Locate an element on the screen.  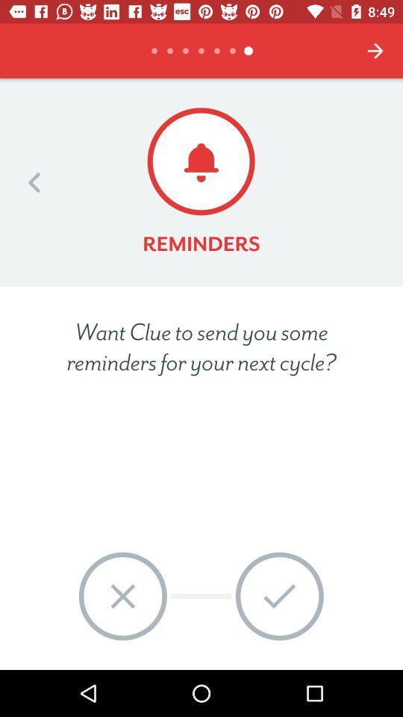
the arrow_backward icon is located at coordinates (34, 181).